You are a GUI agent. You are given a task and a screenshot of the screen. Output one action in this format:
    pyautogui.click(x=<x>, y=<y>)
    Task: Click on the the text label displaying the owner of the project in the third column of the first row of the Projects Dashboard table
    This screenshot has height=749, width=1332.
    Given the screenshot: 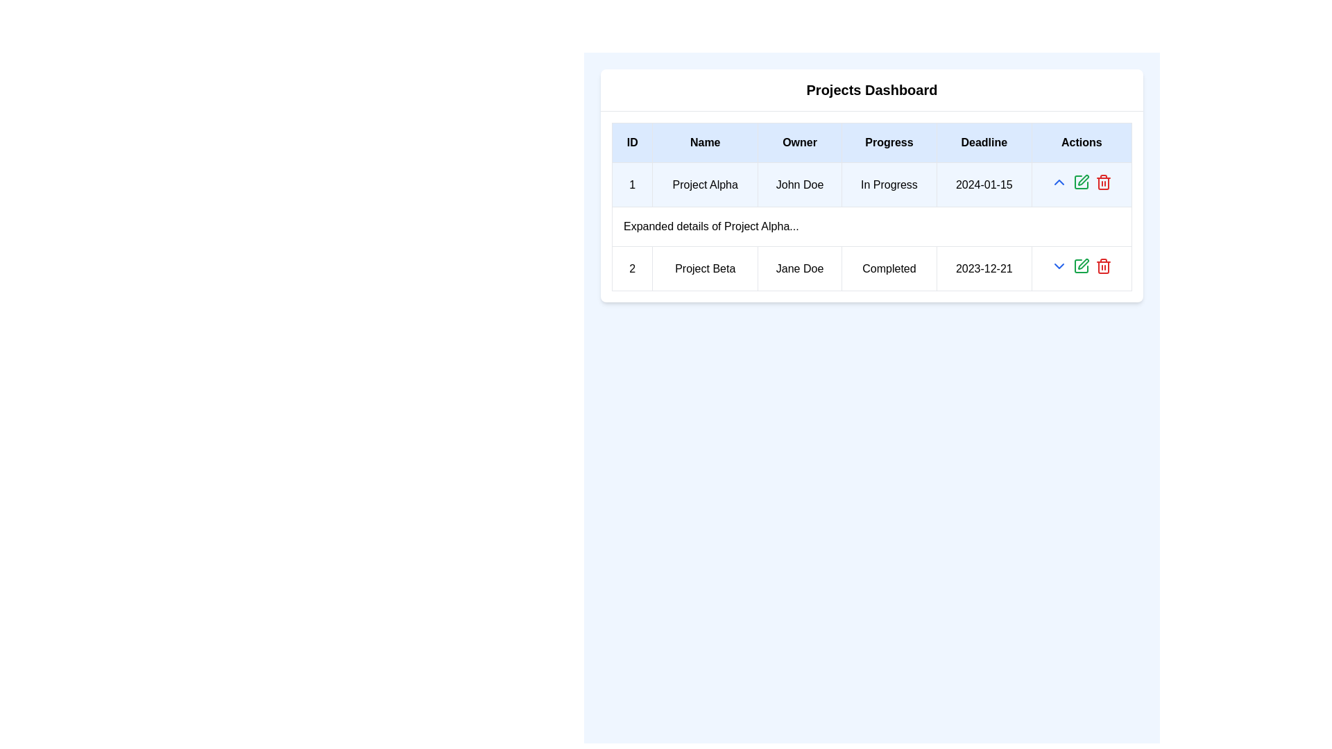 What is the action you would take?
    pyautogui.click(x=800, y=184)
    